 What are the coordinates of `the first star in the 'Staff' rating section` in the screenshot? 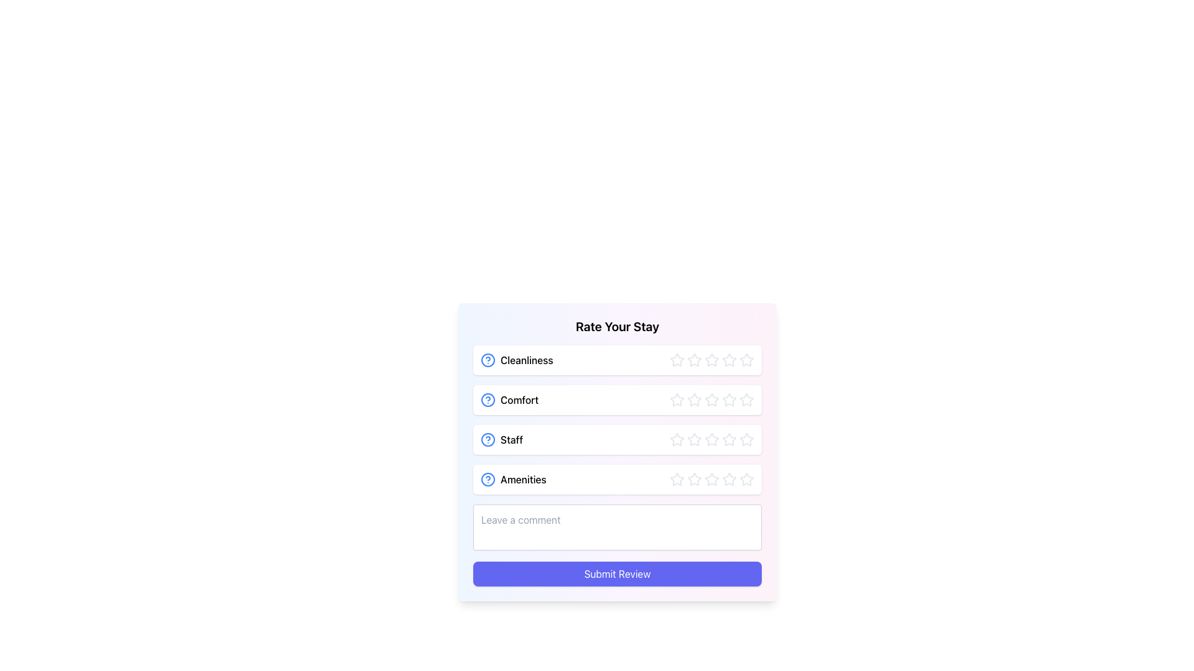 It's located at (677, 439).